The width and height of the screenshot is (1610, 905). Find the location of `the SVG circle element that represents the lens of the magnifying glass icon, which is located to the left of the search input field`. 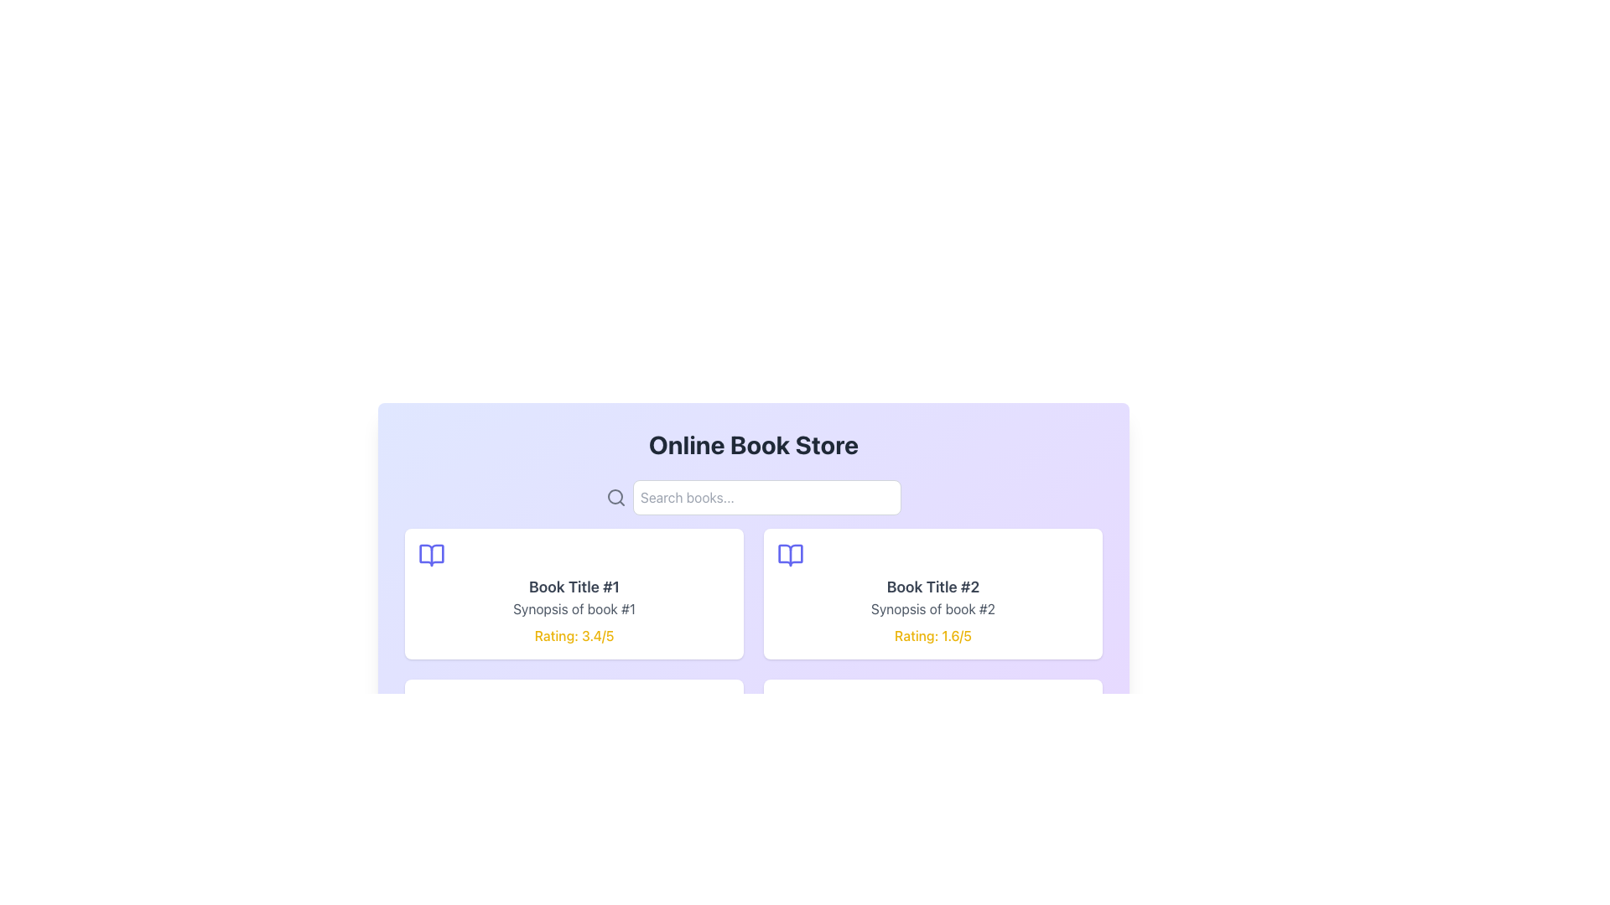

the SVG circle element that represents the lens of the magnifying glass icon, which is located to the left of the search input field is located at coordinates (615, 496).